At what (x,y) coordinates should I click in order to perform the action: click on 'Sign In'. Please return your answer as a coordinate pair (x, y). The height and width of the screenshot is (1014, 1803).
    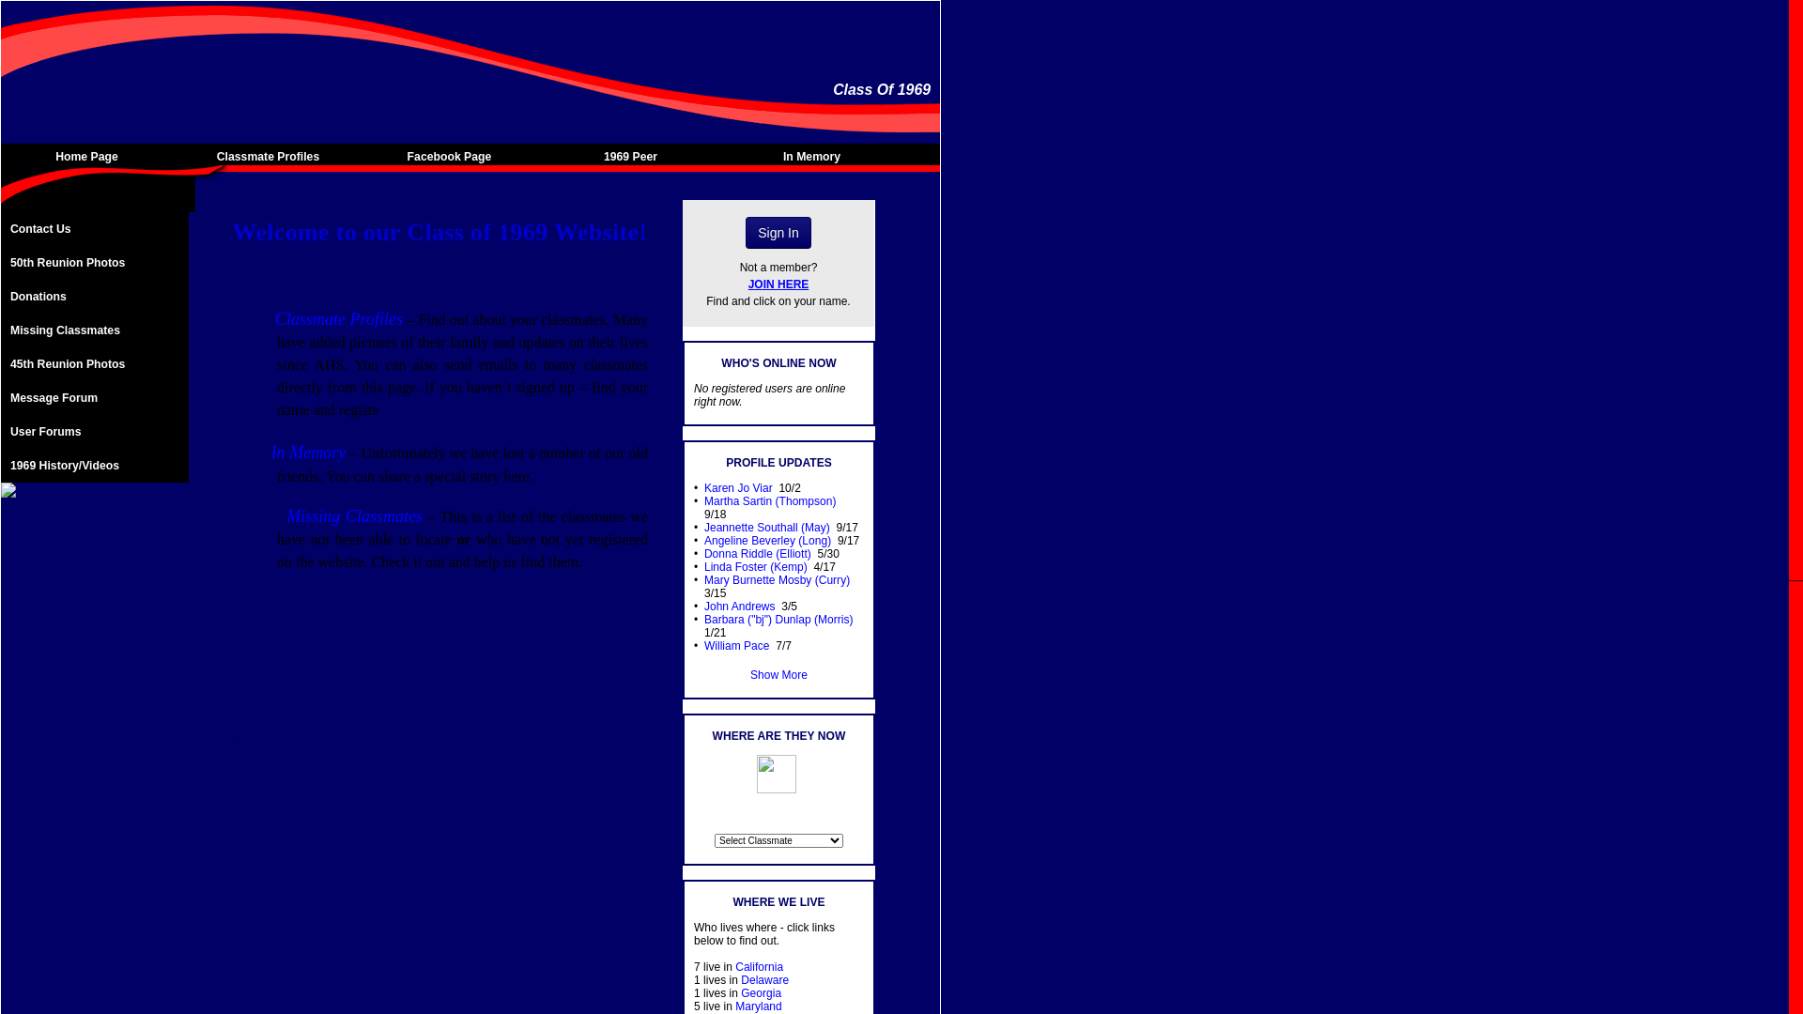
    Looking at the image, I should click on (778, 231).